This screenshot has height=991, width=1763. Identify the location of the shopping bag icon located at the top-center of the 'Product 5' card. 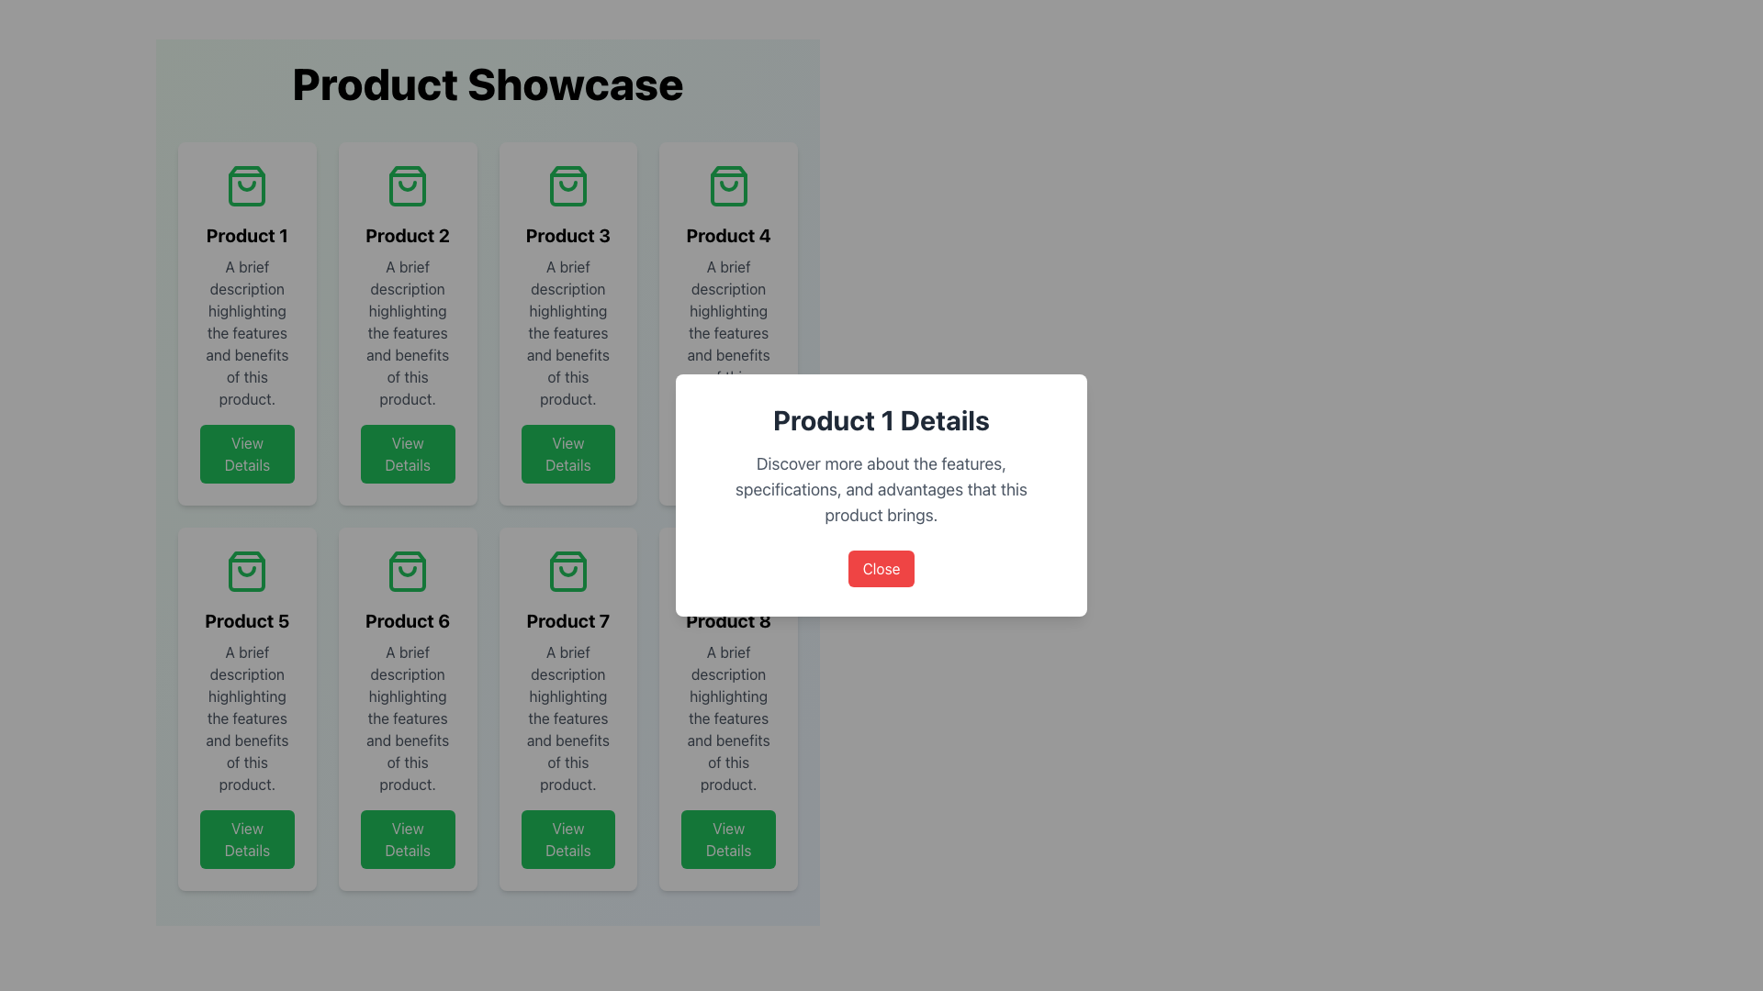
(246, 571).